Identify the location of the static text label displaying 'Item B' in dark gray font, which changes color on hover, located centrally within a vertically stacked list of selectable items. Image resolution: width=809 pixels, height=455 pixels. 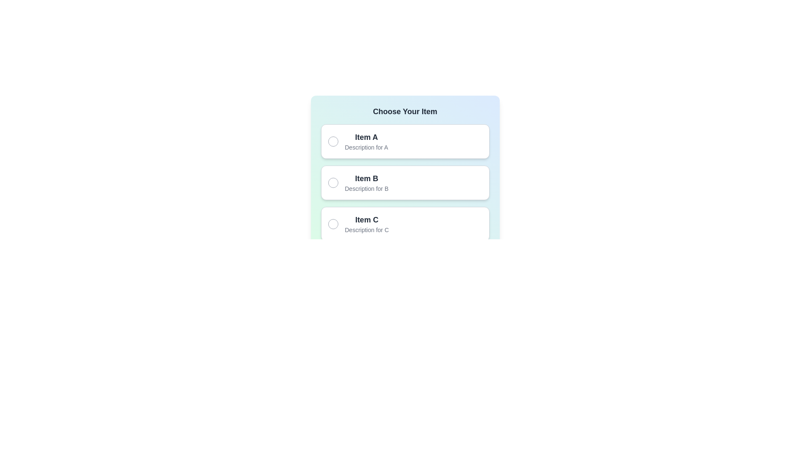
(367, 178).